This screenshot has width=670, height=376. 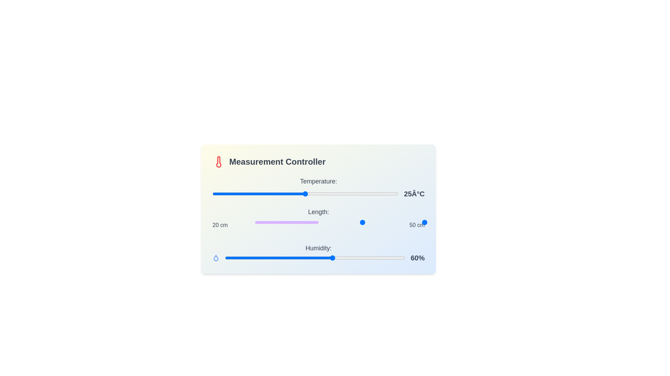 What do you see at coordinates (264, 194) in the screenshot?
I see `the temperature` at bounding box center [264, 194].